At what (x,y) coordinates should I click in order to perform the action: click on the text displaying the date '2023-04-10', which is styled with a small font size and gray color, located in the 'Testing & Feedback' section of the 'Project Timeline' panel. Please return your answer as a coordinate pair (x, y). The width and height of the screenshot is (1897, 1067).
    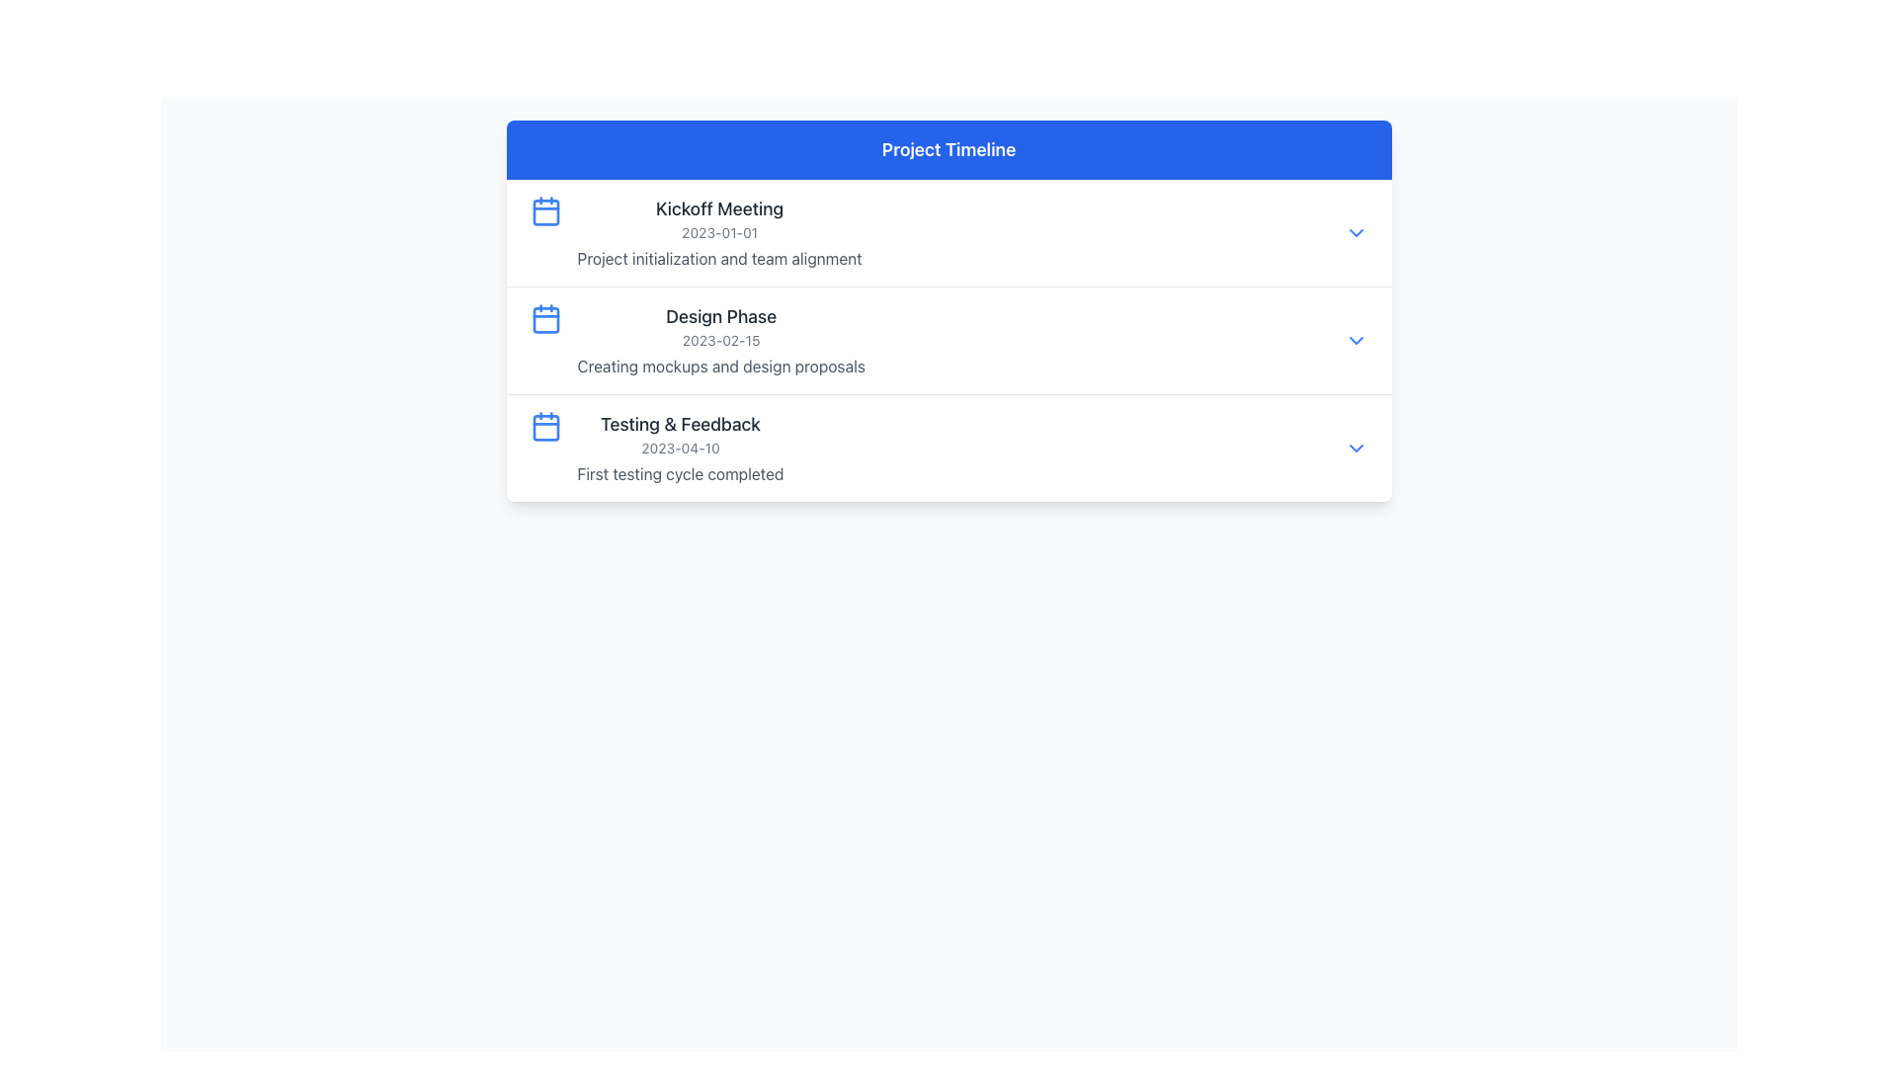
    Looking at the image, I should click on (681, 449).